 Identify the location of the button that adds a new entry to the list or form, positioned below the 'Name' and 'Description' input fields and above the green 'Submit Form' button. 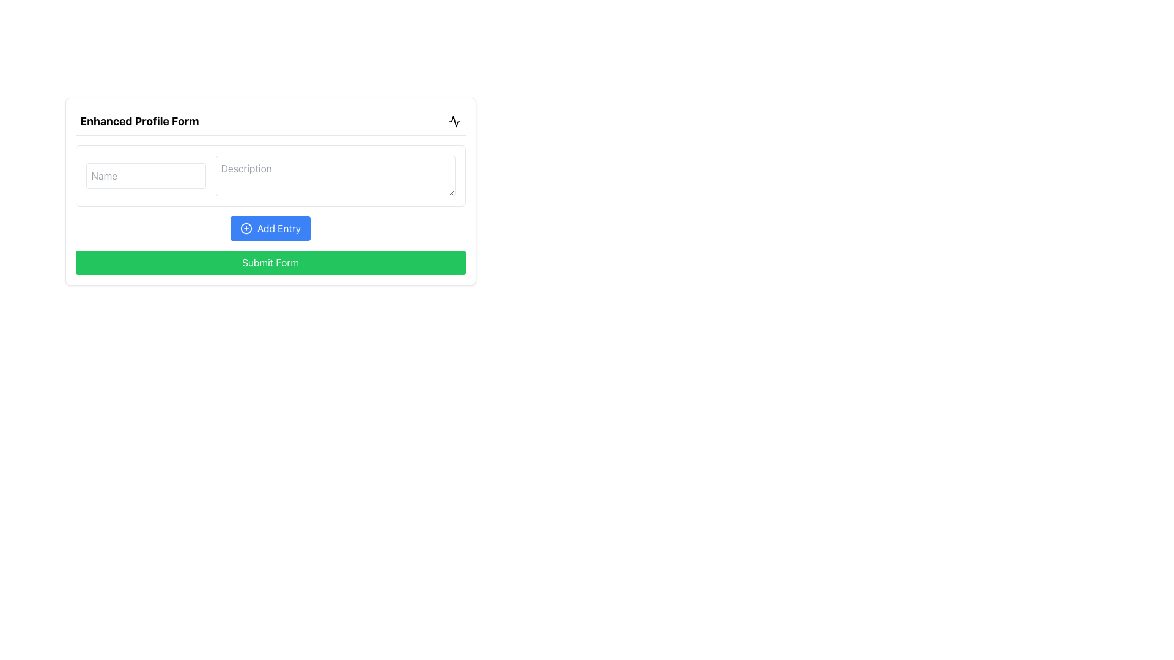
(270, 229).